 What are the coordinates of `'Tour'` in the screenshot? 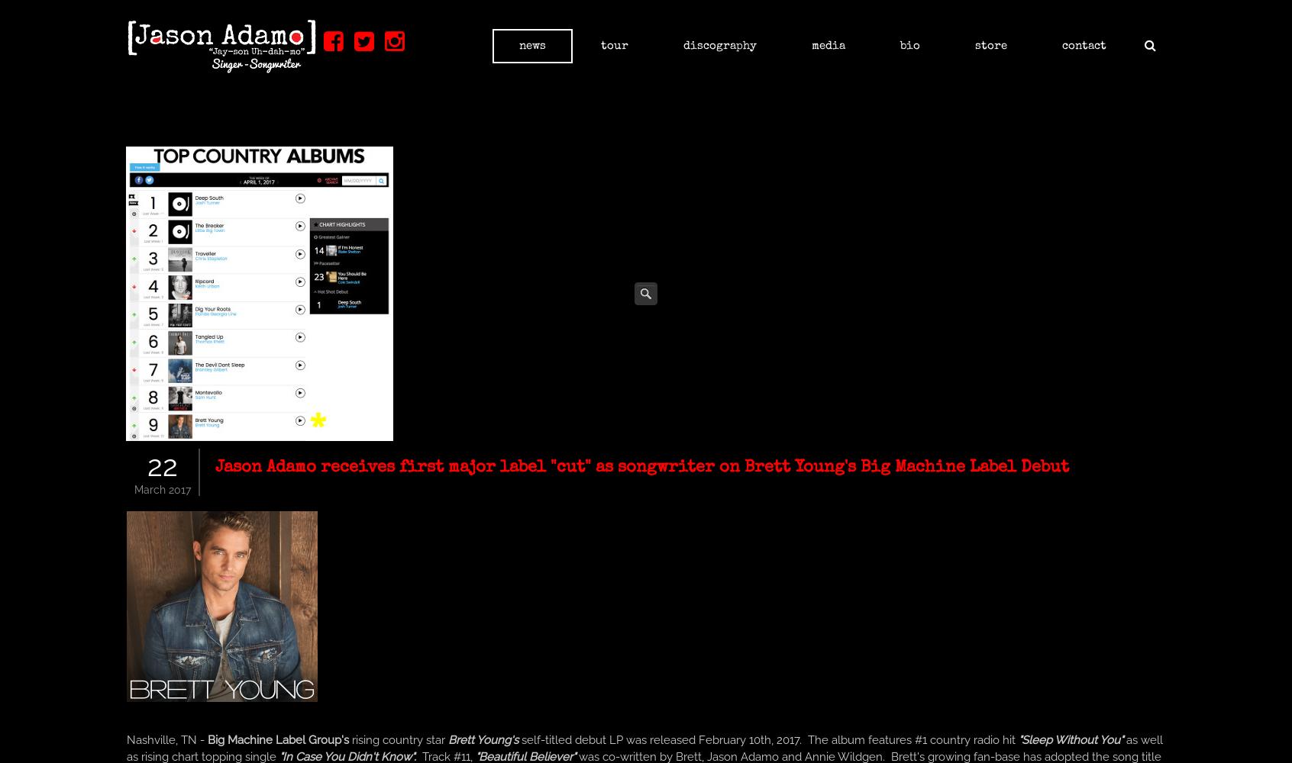 It's located at (615, 46).